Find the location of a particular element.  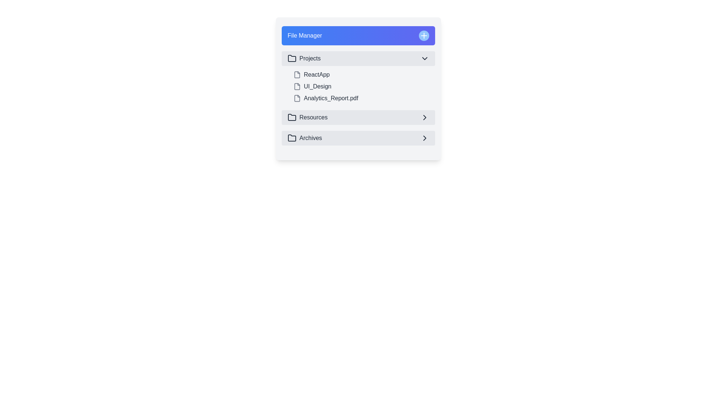

the 'Resources' folder item in the file manager interface is located at coordinates (308, 117).